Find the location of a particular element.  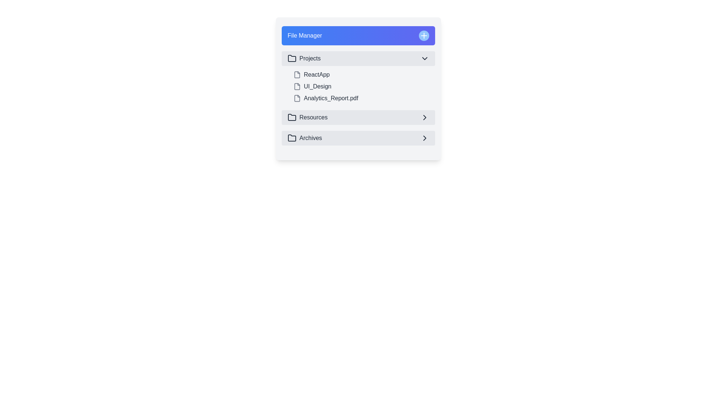

the 'Resources' folder item in the file manager interface is located at coordinates (308, 117).